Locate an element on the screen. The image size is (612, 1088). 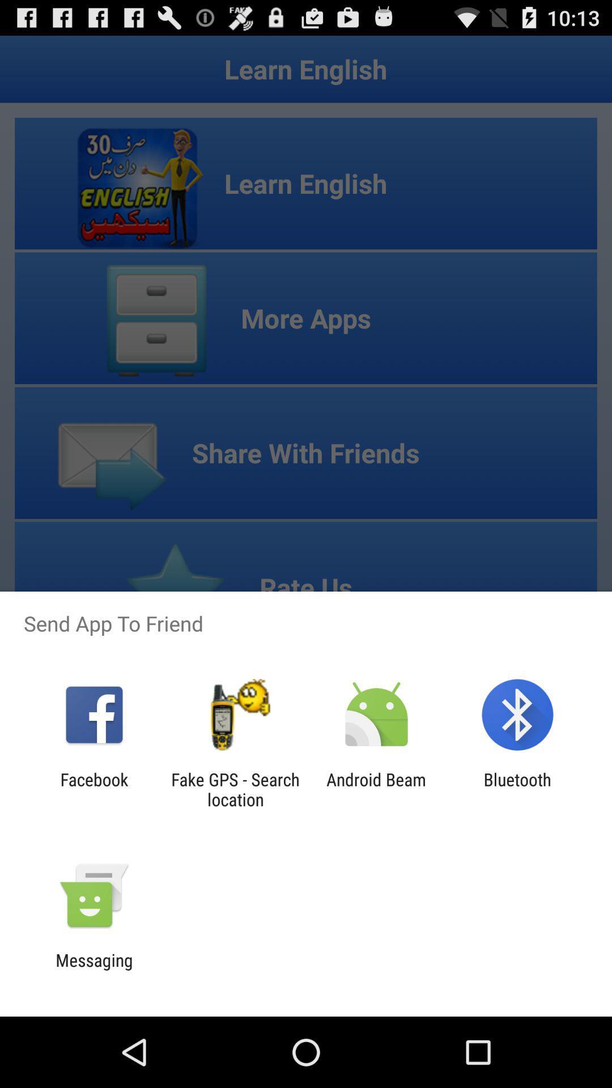
the fake gps search item is located at coordinates (235, 789).